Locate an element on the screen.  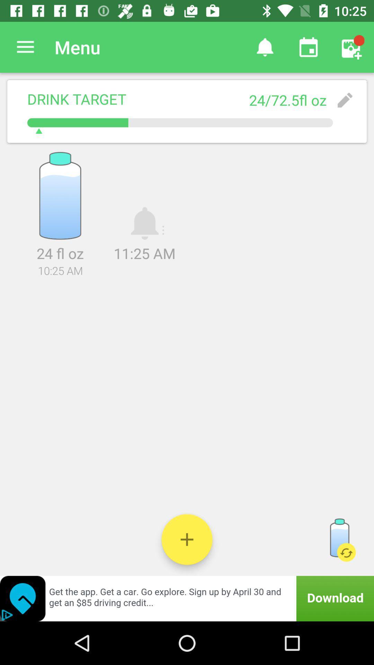
icon above the drink target is located at coordinates (25, 47).